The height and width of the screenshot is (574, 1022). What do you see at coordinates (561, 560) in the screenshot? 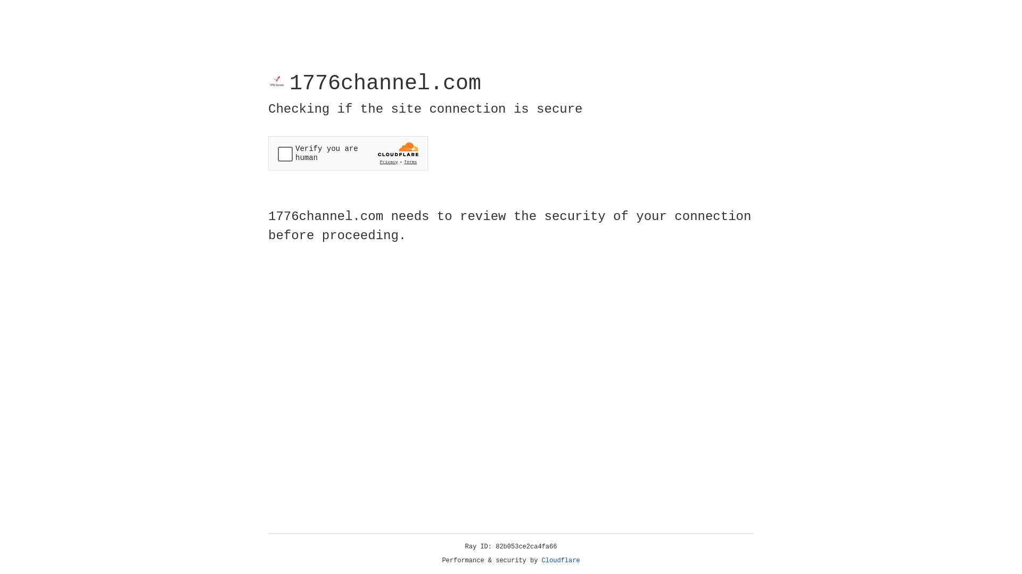
I see `'Cloudflare'` at bounding box center [561, 560].